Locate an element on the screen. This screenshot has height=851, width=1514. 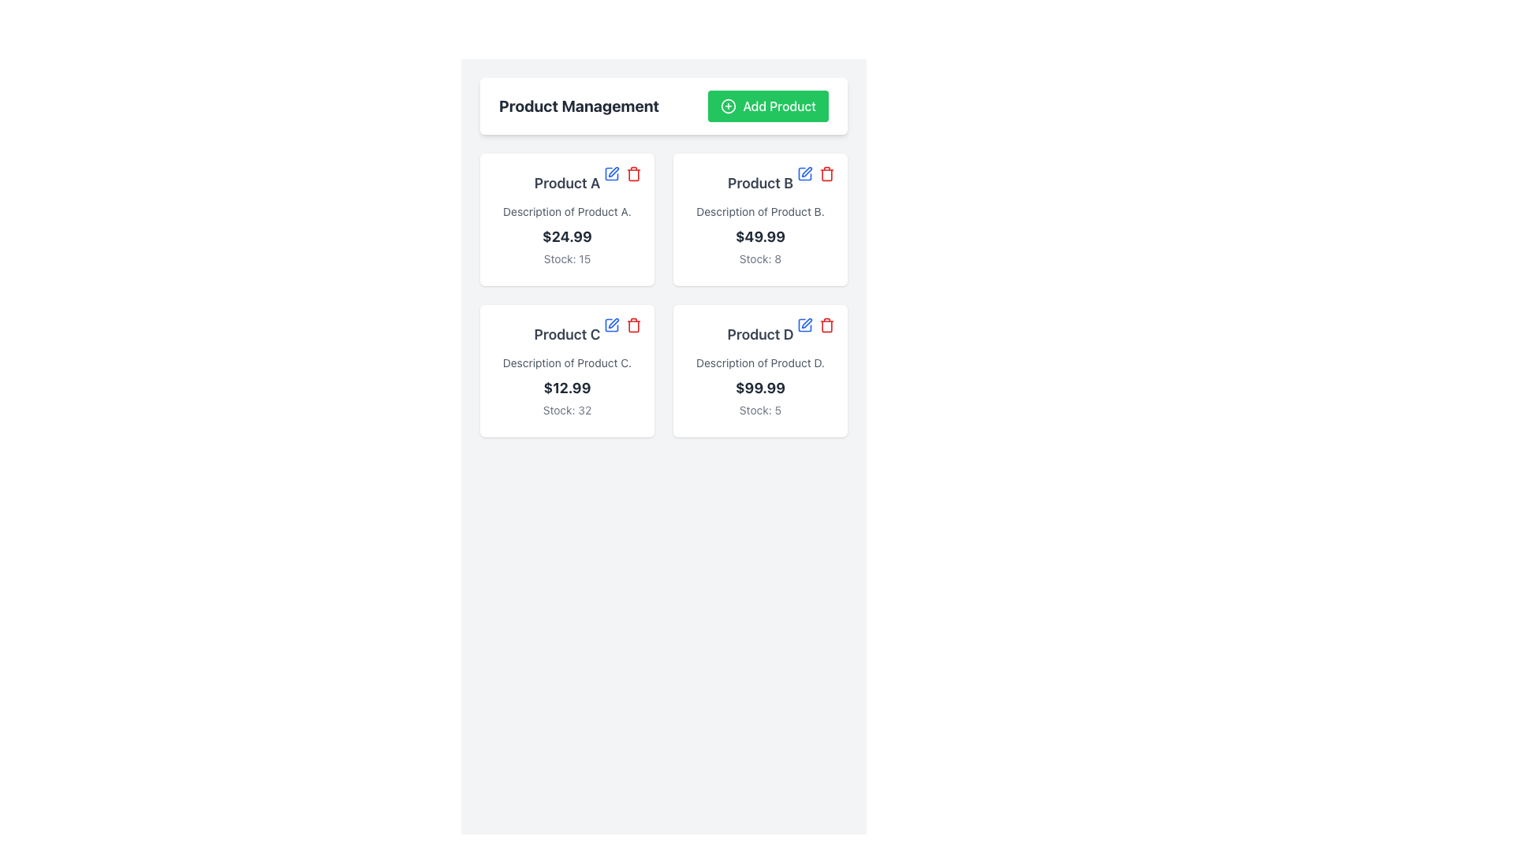
the blue pen icon located in the top-right corner of the 'Product B' box to initiate the editing action is located at coordinates (805, 173).